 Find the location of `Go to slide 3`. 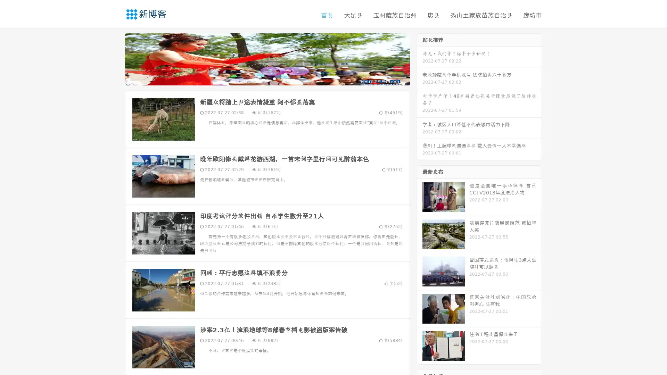

Go to slide 3 is located at coordinates (274, 78).